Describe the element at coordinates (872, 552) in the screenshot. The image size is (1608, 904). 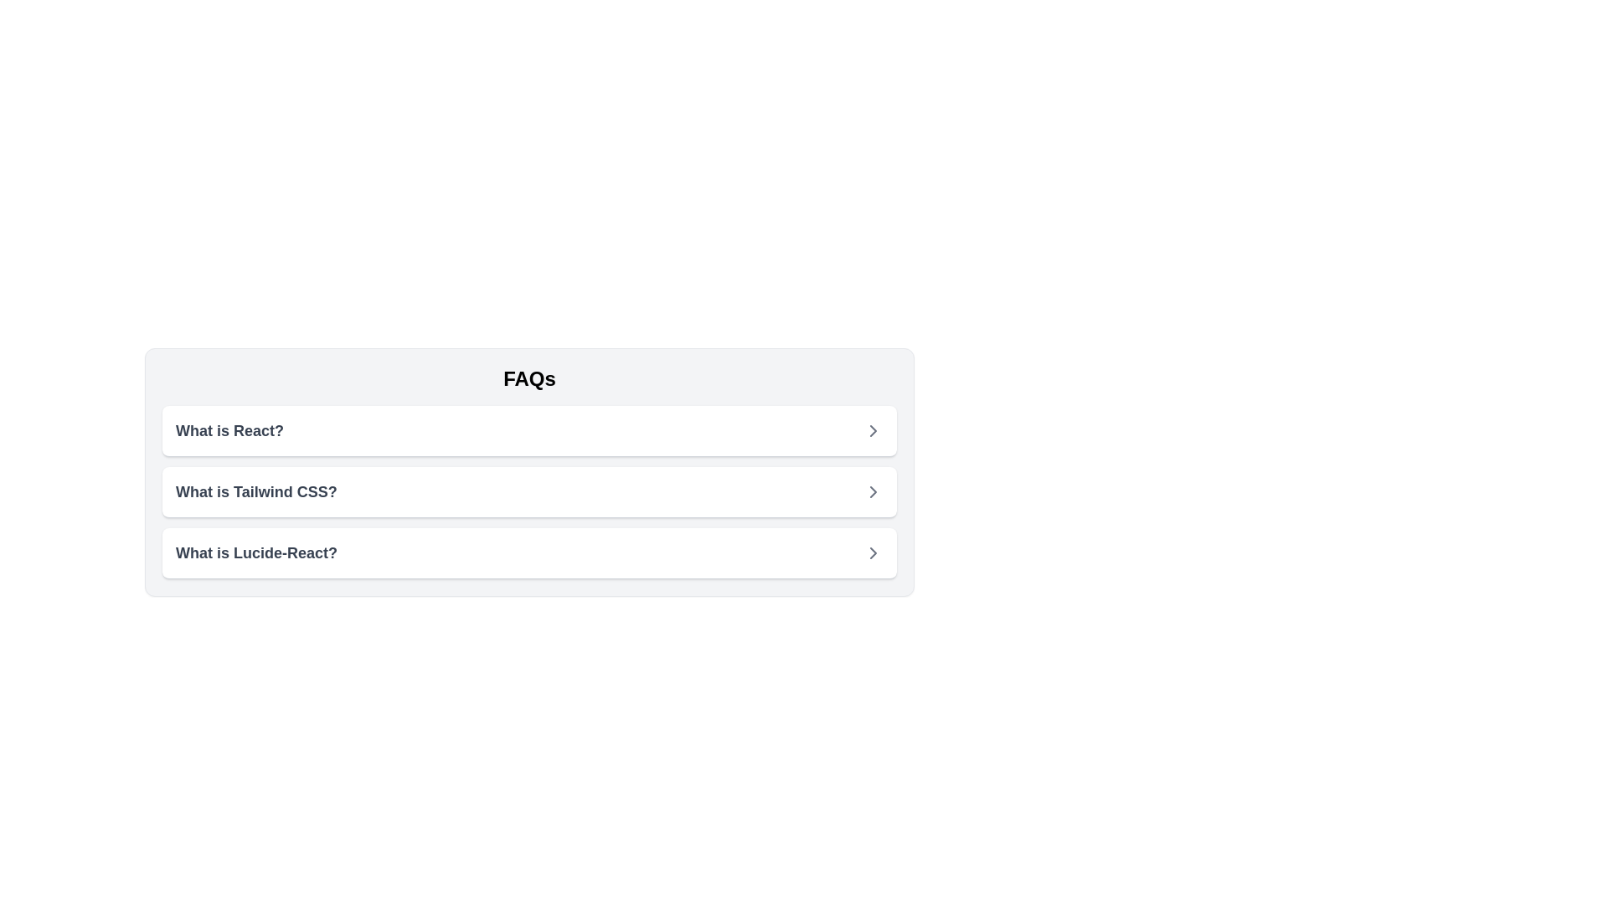
I see `the right-facing gray chevron icon located to the far right of the 'What is Lucide-React?' FAQ entry to trigger the tooltip or effect` at that location.